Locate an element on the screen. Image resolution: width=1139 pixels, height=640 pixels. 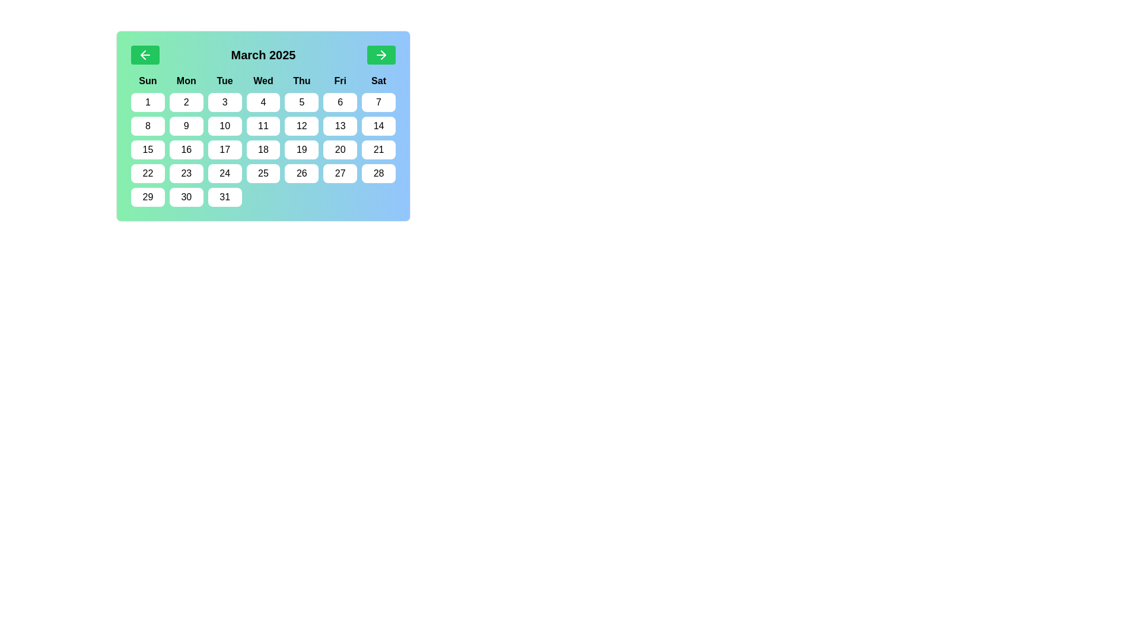
the calendar date button '7' located in the first row and last column under the 'Sat' header is located at coordinates (378, 102).